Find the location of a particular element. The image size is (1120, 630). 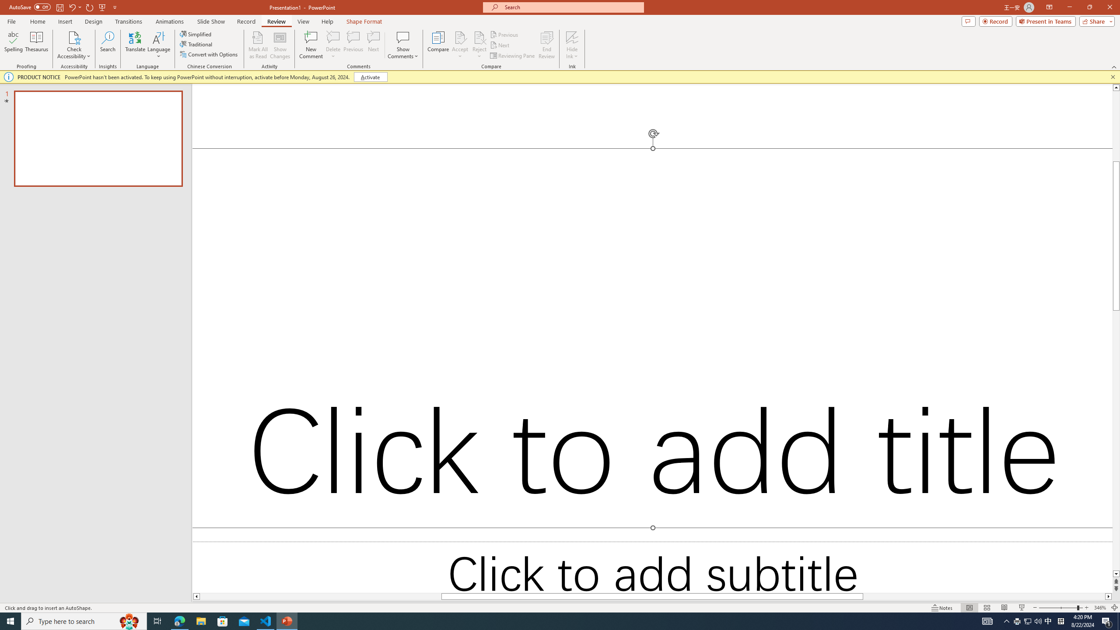

'Mark All as Read' is located at coordinates (258, 45).